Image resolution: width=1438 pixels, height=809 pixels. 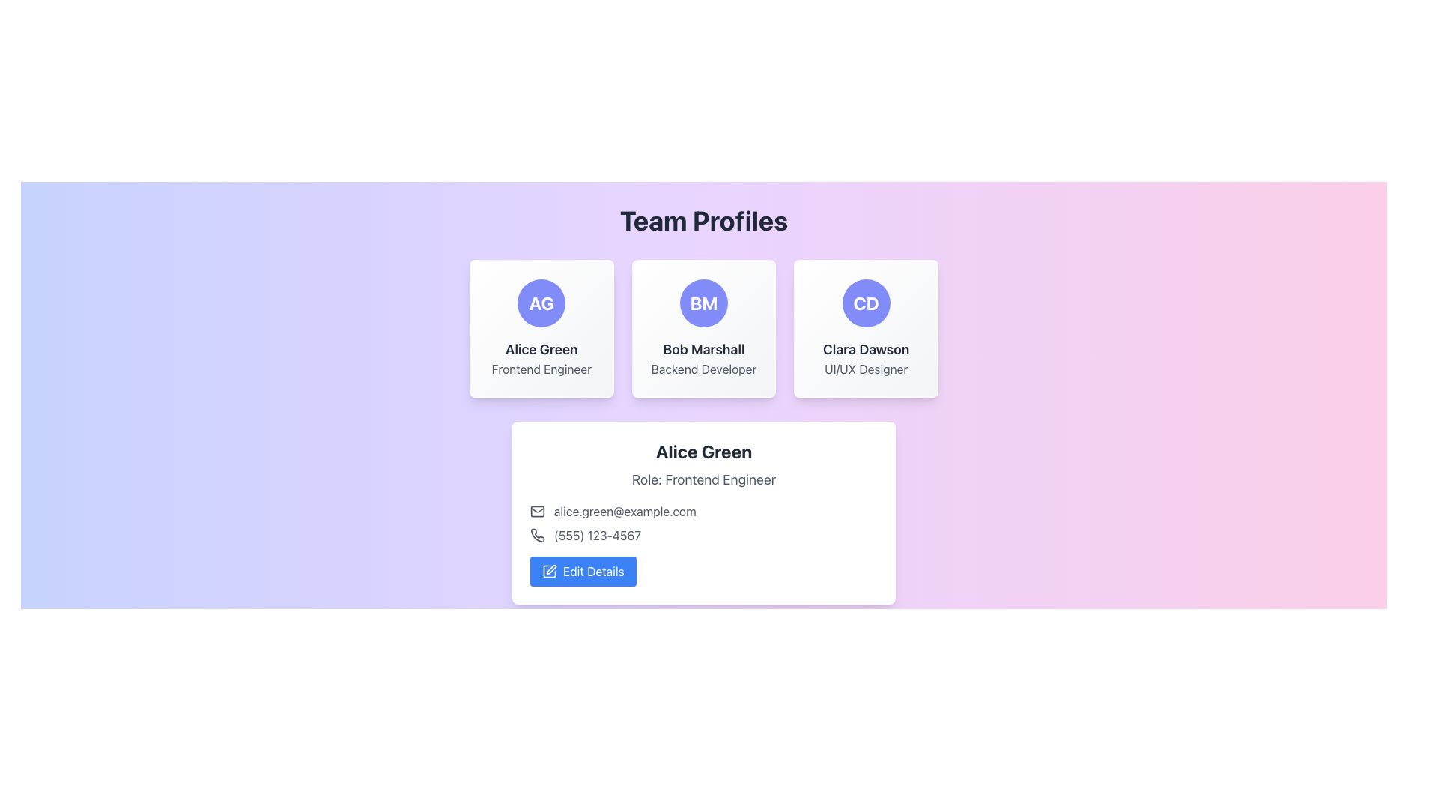 I want to click on the static text label displaying 'Frontend Engineer' below the name 'Alice Green' in the user profile card, so click(x=541, y=369).